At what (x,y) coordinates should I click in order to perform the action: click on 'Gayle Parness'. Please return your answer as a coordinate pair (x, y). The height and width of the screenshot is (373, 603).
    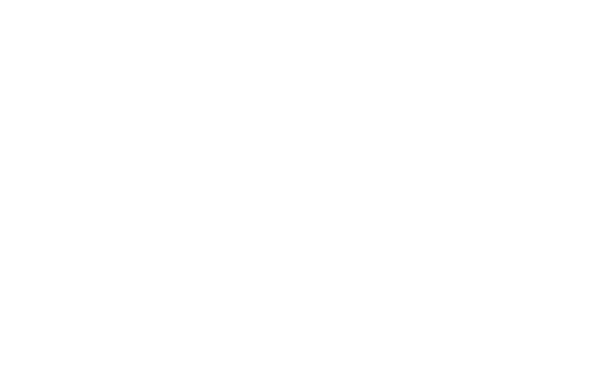
    Looking at the image, I should click on (145, 178).